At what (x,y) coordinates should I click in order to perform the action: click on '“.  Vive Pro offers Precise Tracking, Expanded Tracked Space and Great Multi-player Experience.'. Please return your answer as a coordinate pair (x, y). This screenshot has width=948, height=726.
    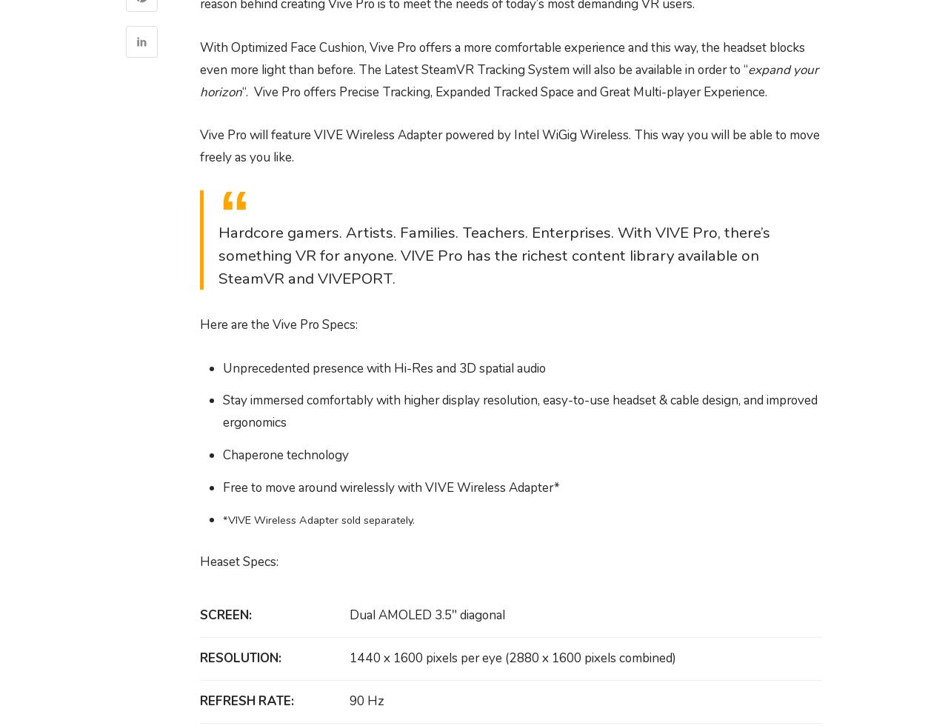
    Looking at the image, I should click on (504, 91).